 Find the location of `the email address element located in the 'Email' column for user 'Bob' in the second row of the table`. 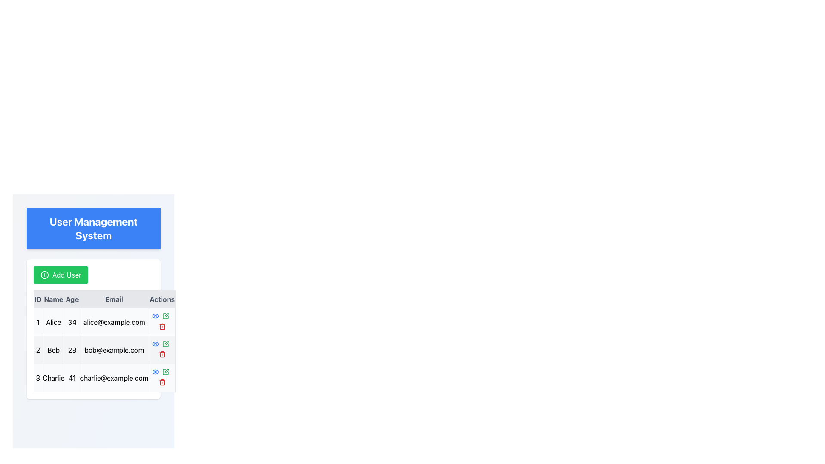

the email address element located in the 'Email' column for user 'Bob' in the second row of the table is located at coordinates (113, 350).